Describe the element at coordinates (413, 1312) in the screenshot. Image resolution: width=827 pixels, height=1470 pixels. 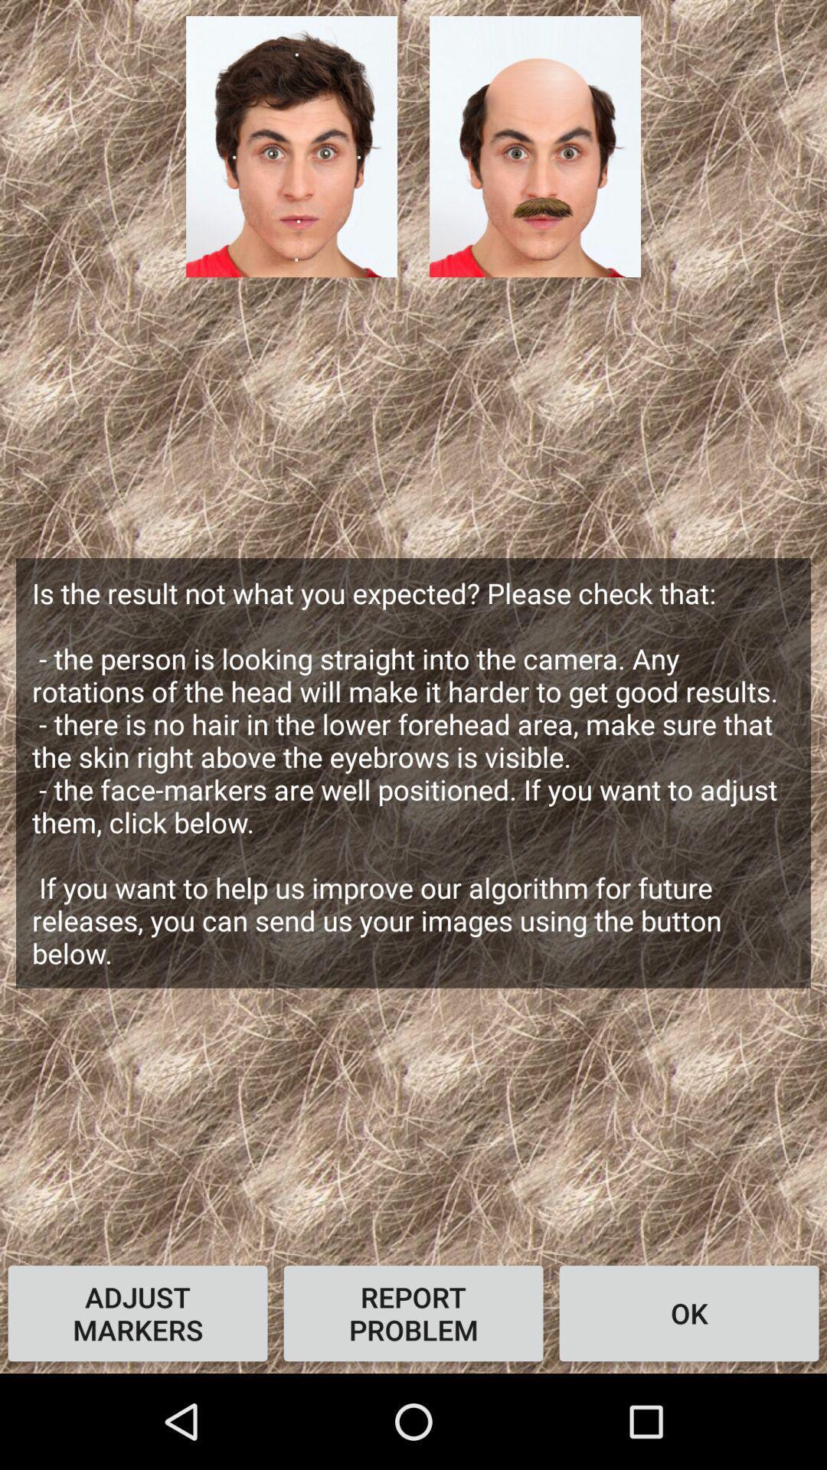
I see `the report problem item` at that location.